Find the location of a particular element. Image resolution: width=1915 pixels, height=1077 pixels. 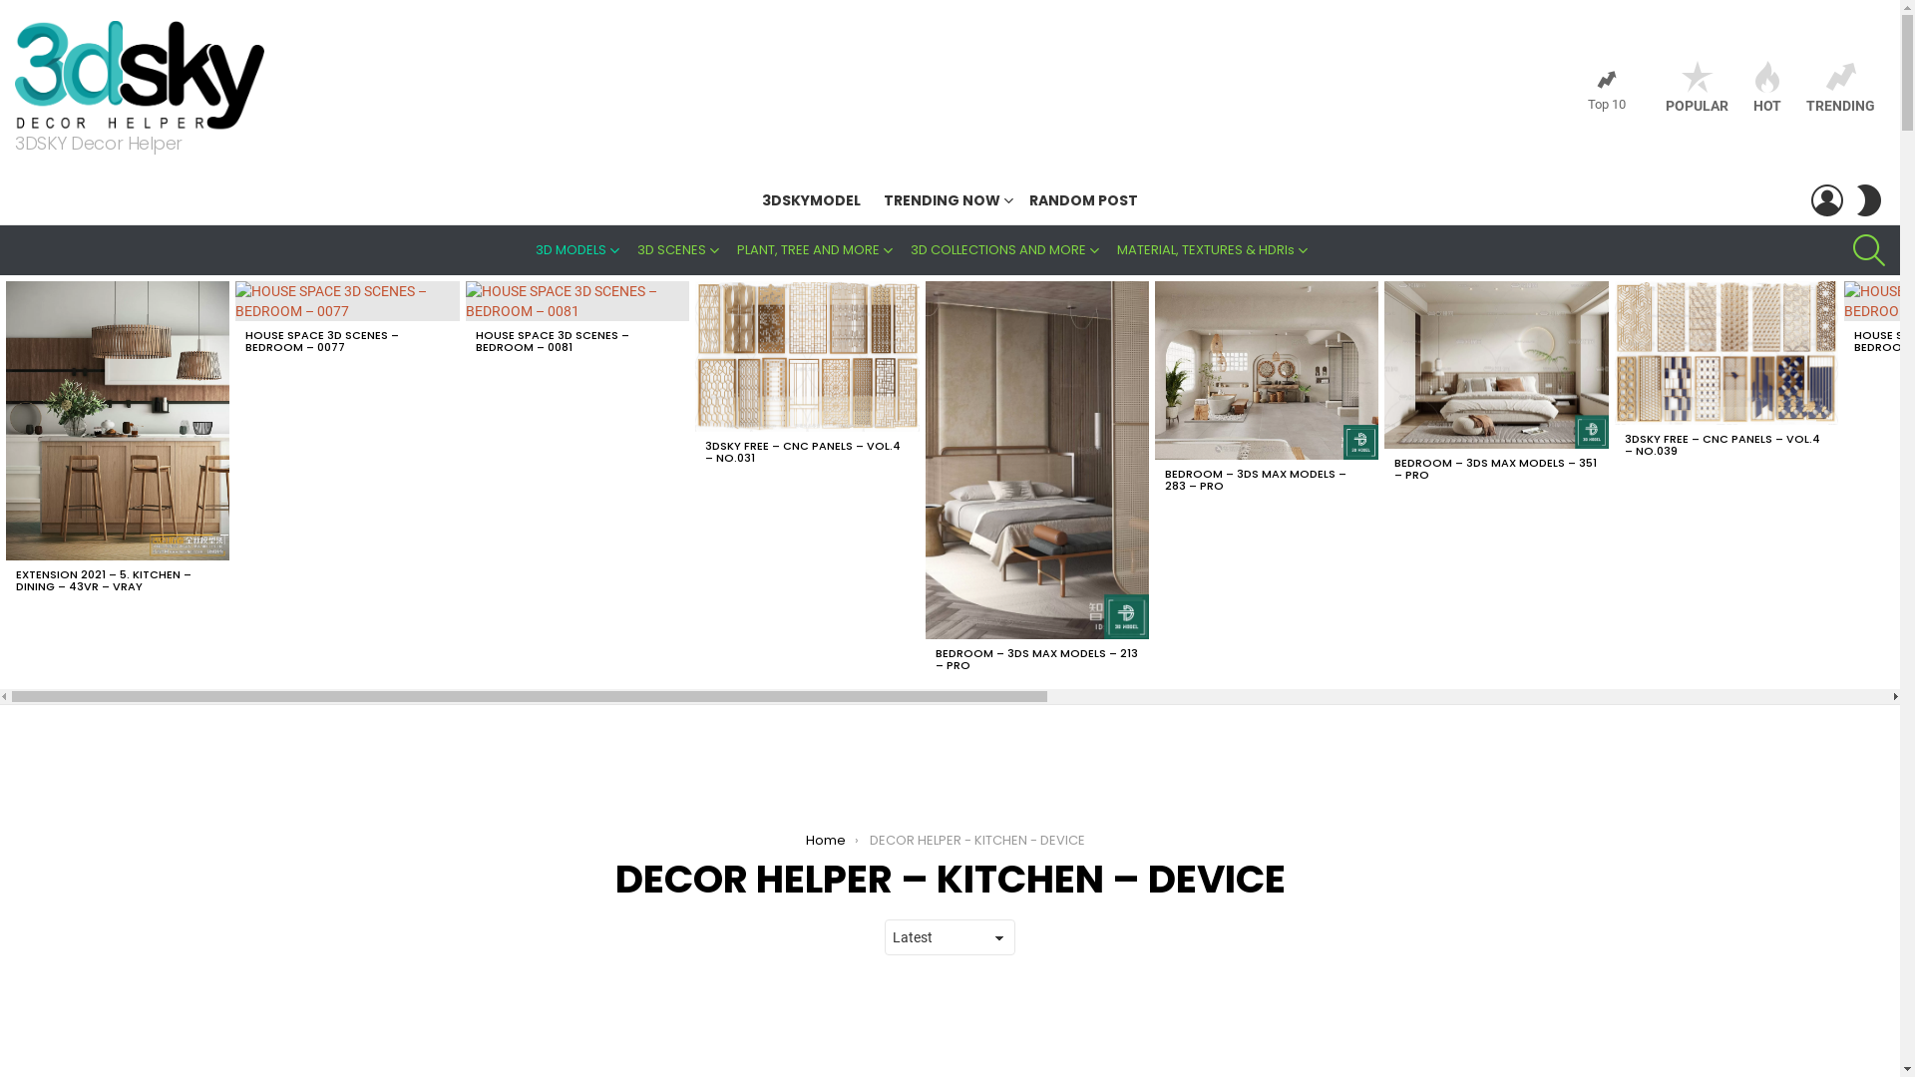

'POPULAR' is located at coordinates (1696, 87).